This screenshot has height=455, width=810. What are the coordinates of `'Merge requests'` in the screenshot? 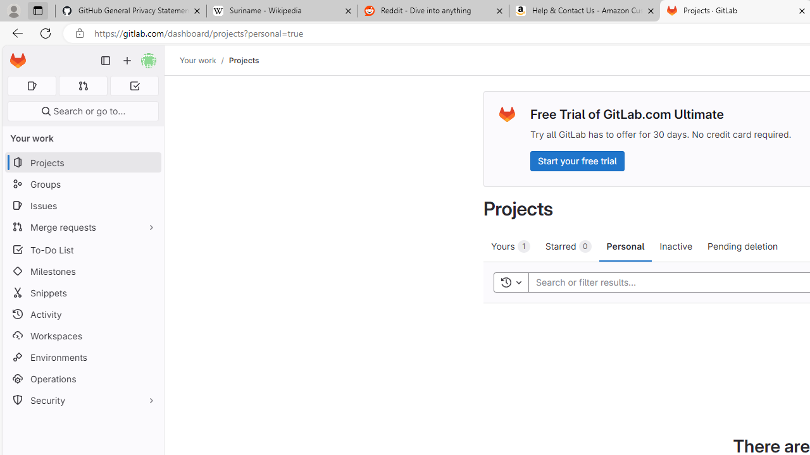 It's located at (82, 226).